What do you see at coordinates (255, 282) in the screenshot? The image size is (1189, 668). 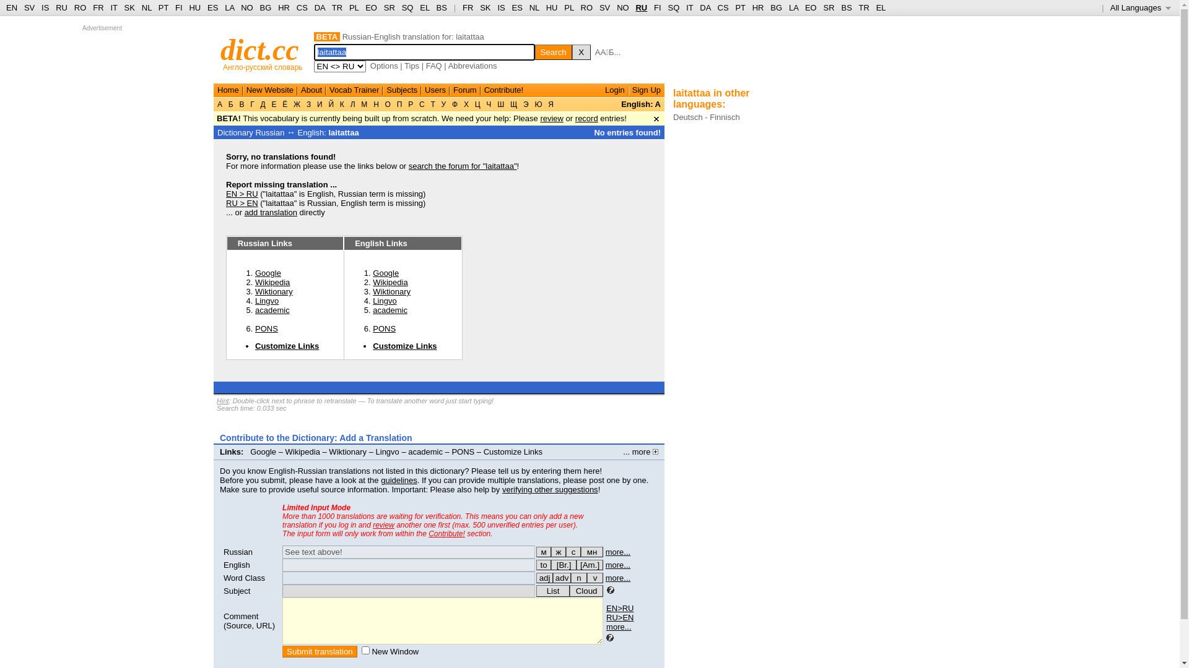 I see `'Wikipedia'` at bounding box center [255, 282].